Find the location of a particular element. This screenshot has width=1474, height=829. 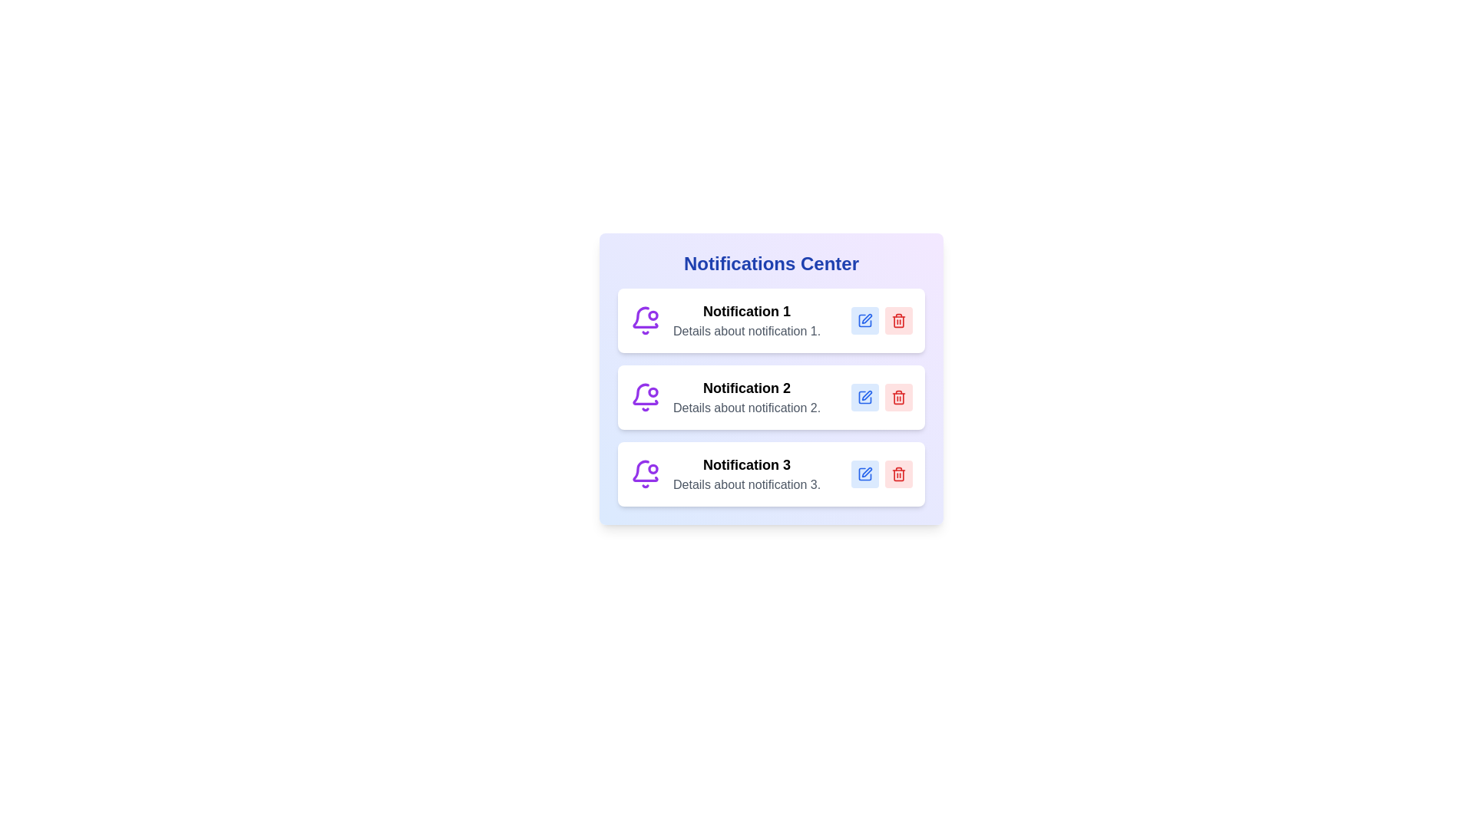

the vibrant purple bell-shaped icon with a circular dot, located at the start of the first notification entry in the notification card is located at coordinates (645, 319).